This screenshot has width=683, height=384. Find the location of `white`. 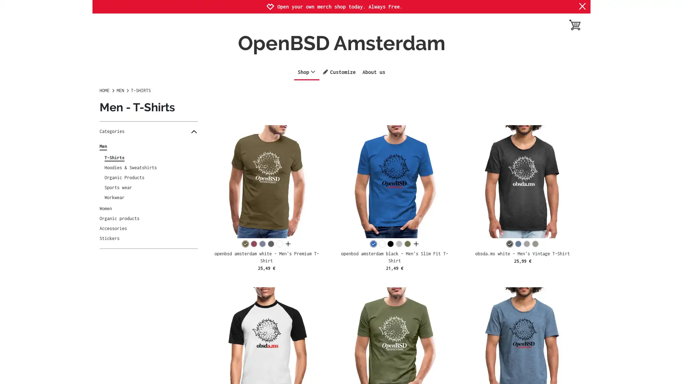

white is located at coordinates (279, 244).